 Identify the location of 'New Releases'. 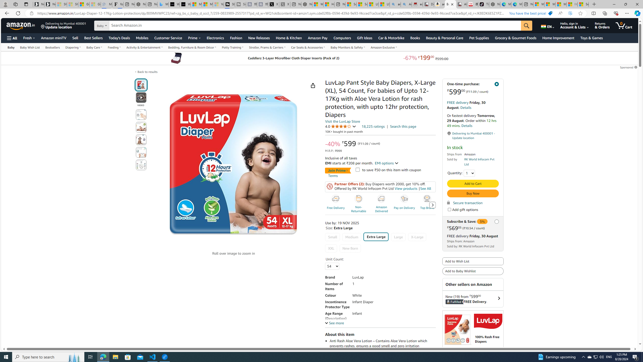
(259, 38).